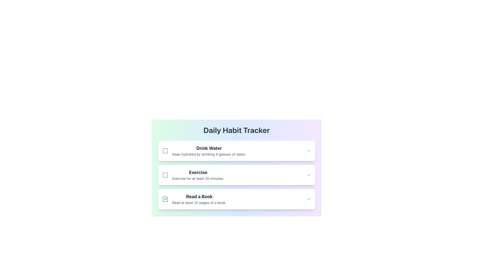 The width and height of the screenshot is (483, 272). Describe the element at coordinates (209, 154) in the screenshot. I see `the text label displaying 'Keep hydrated by drinking 8 glasses of water.' which is located below the bolded title 'Drink Water.'` at that location.